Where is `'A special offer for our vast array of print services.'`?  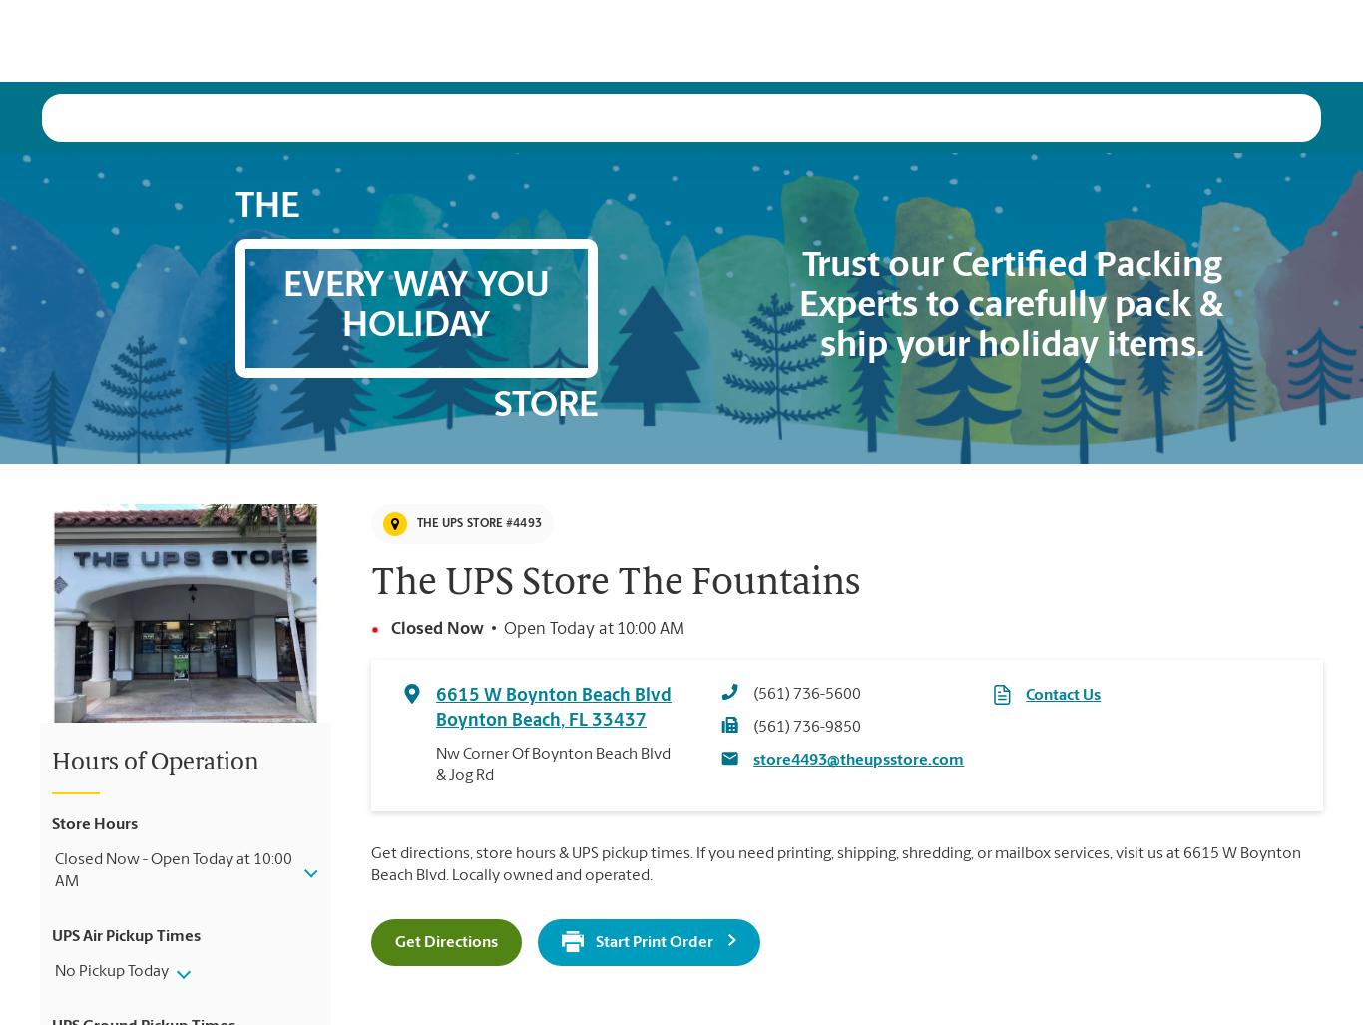
'A special offer for our vast array of print services.' is located at coordinates (915, 391).